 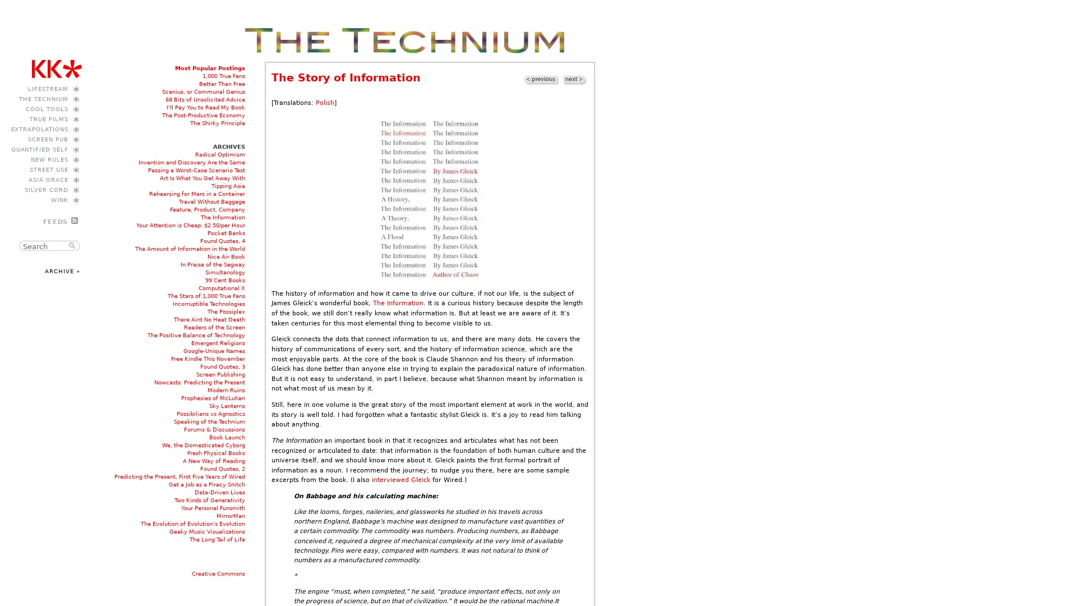 What do you see at coordinates (73, 245) in the screenshot?
I see `Submit` at bounding box center [73, 245].